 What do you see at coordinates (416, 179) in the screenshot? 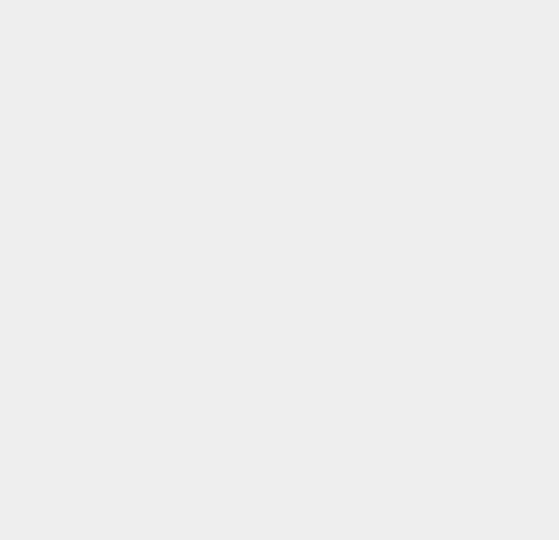
I see `'OS X 10.11.4'` at bounding box center [416, 179].